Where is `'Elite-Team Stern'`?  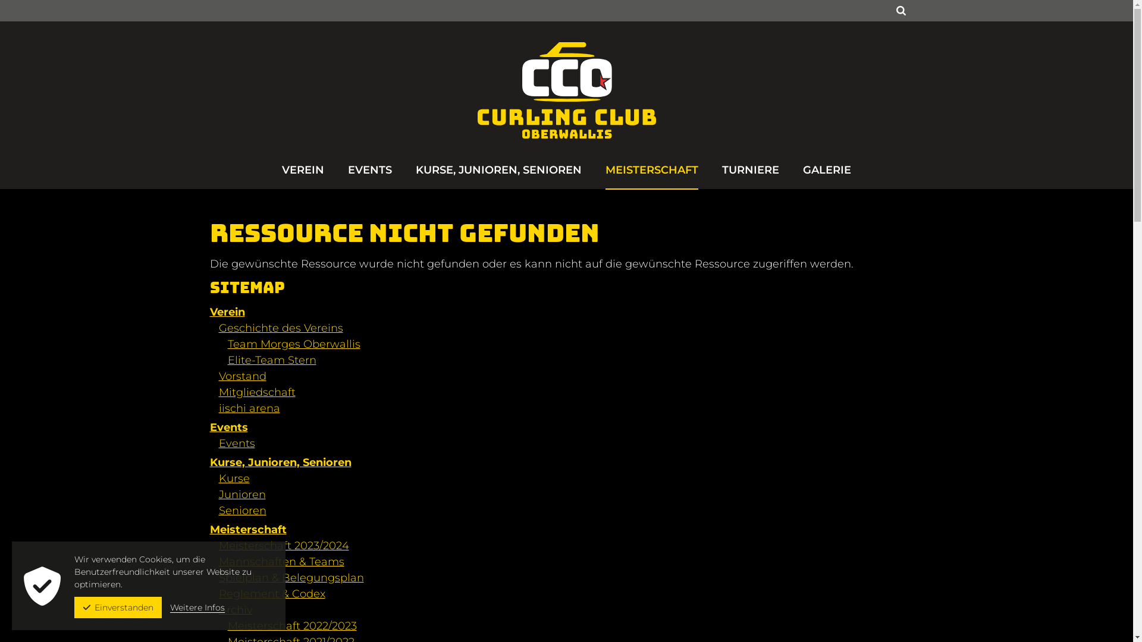
'Elite-Team Stern' is located at coordinates (271, 359).